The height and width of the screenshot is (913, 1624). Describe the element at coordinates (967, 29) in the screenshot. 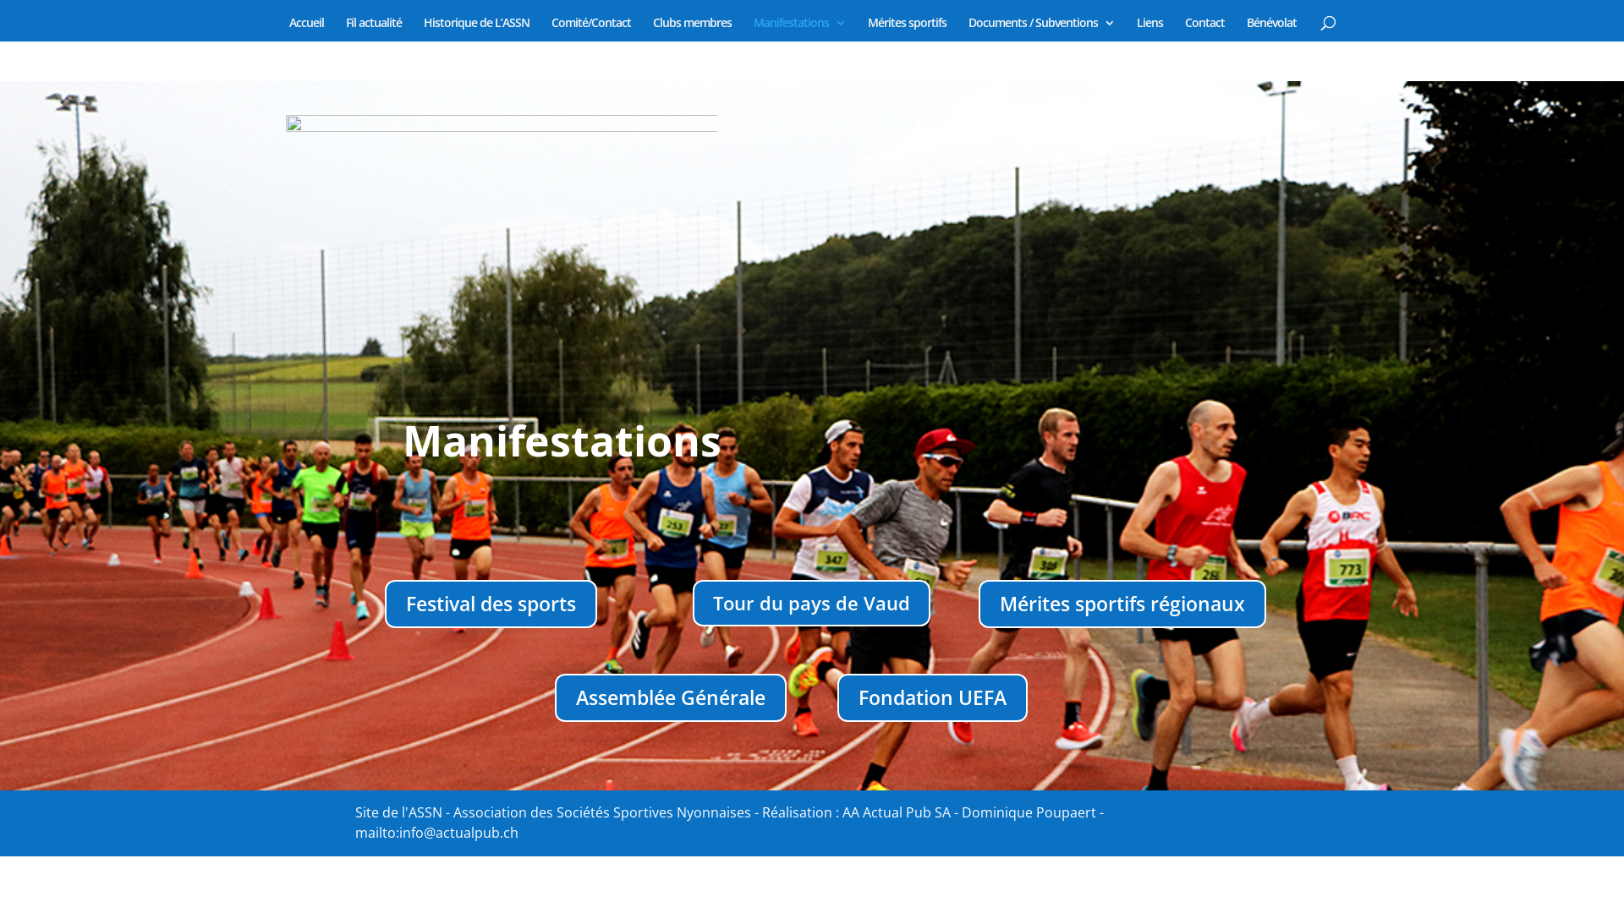

I see `'Documents / Subventions'` at that location.